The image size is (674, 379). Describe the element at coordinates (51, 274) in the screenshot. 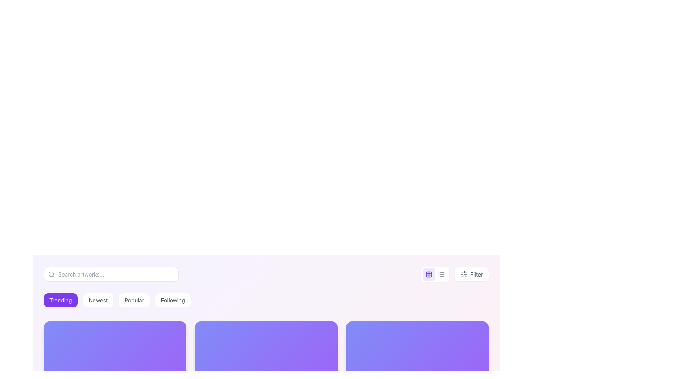

I see `the magnifying glass icon, which denotes the search function, located on the left side of the text input field with the placeholder 'Search artworks...'` at that location.